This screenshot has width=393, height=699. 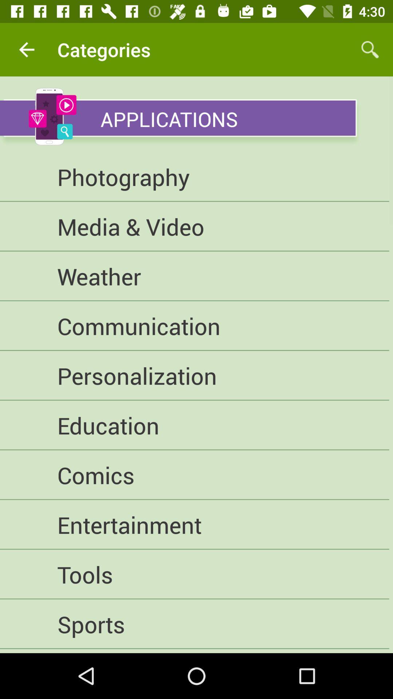 What do you see at coordinates (221, 114) in the screenshot?
I see `applications icon` at bounding box center [221, 114].